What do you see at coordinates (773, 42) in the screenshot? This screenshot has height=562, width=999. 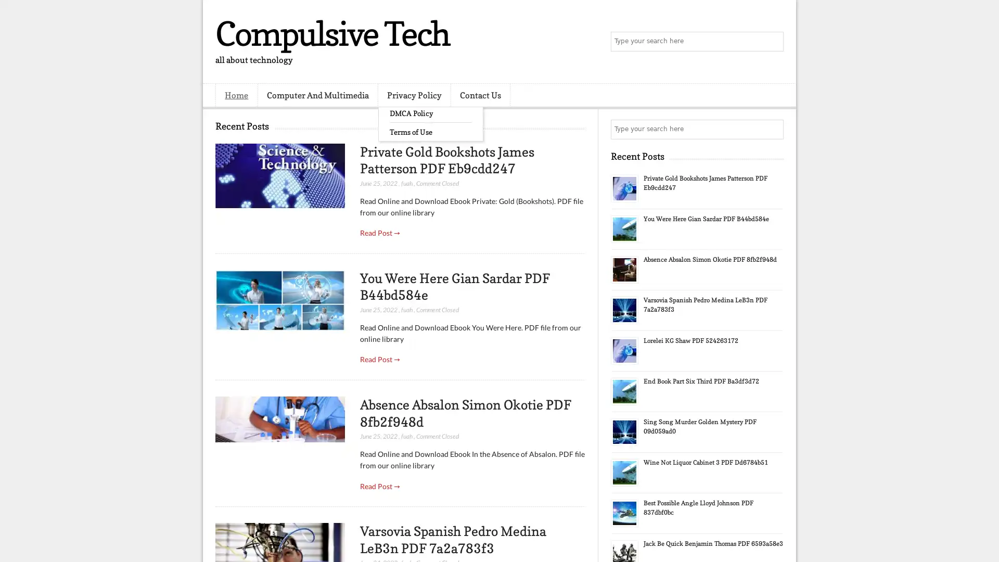 I see `Search` at bounding box center [773, 42].